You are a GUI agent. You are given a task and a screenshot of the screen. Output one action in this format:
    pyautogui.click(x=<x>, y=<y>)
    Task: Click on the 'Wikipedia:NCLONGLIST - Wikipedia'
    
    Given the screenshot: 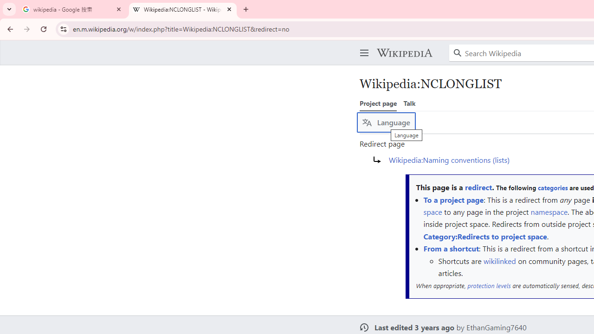 What is the action you would take?
    pyautogui.click(x=183, y=9)
    